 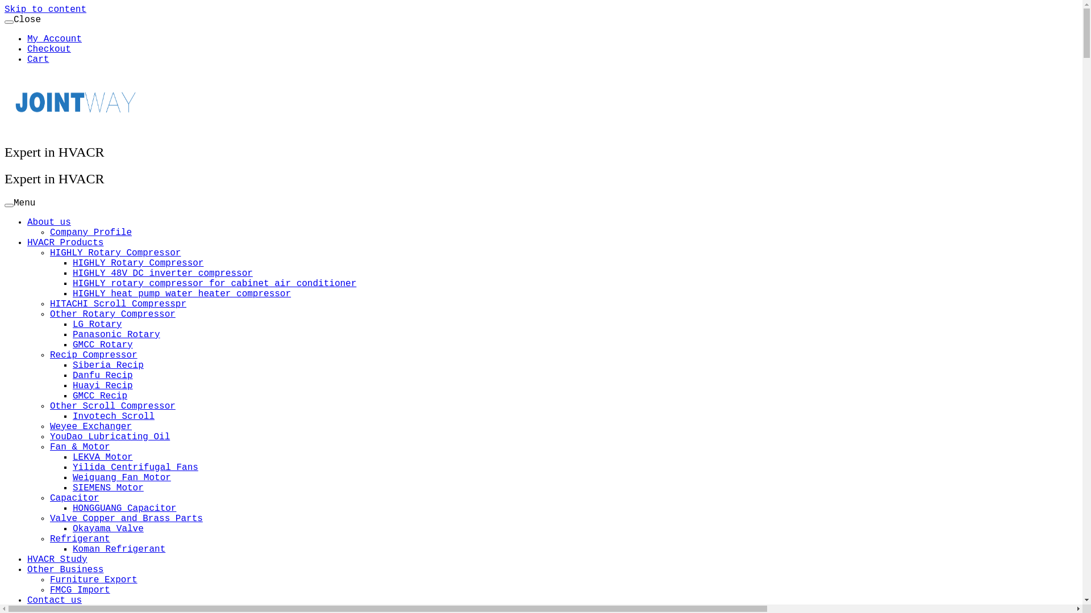 I want to click on 'YouDao Lubricating Oil', so click(x=110, y=436).